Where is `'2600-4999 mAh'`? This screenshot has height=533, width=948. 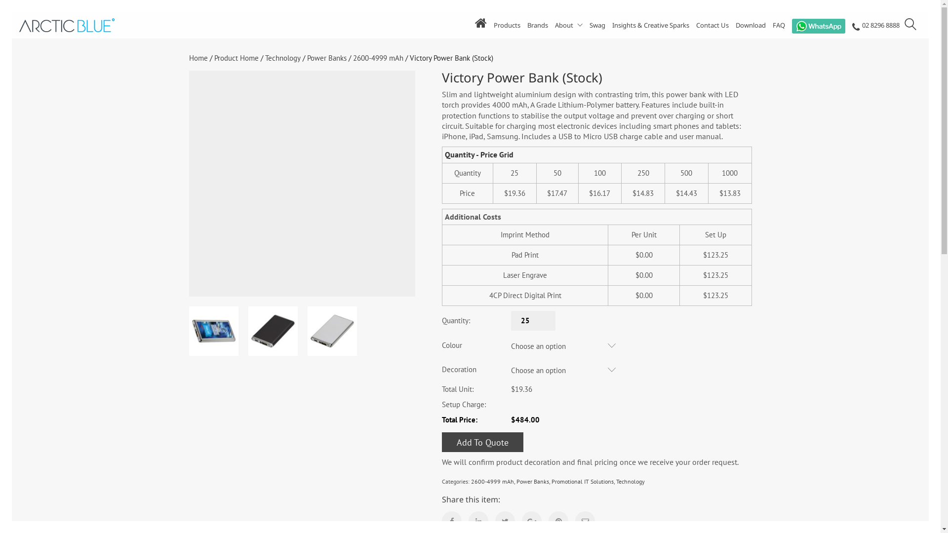 '2600-4999 mAh' is located at coordinates (492, 481).